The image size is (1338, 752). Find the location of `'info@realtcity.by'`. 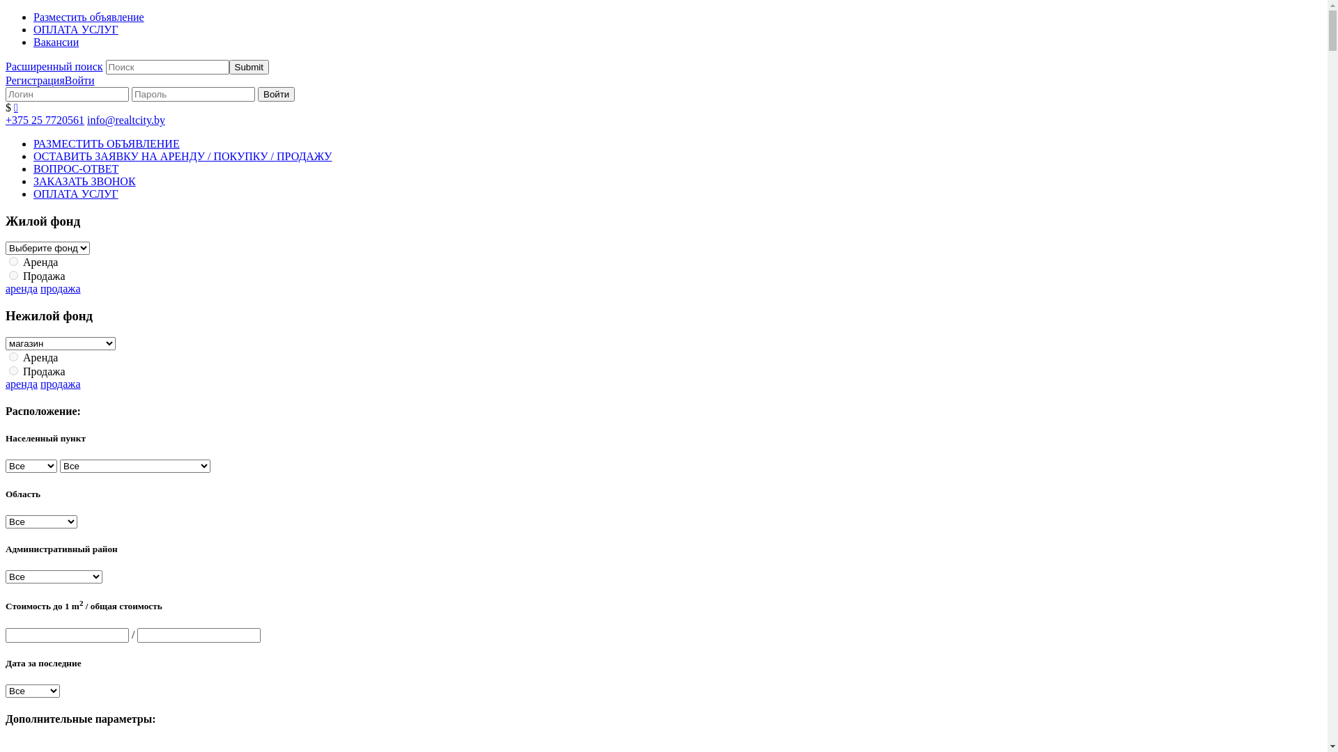

'info@realtcity.by' is located at coordinates (126, 119).